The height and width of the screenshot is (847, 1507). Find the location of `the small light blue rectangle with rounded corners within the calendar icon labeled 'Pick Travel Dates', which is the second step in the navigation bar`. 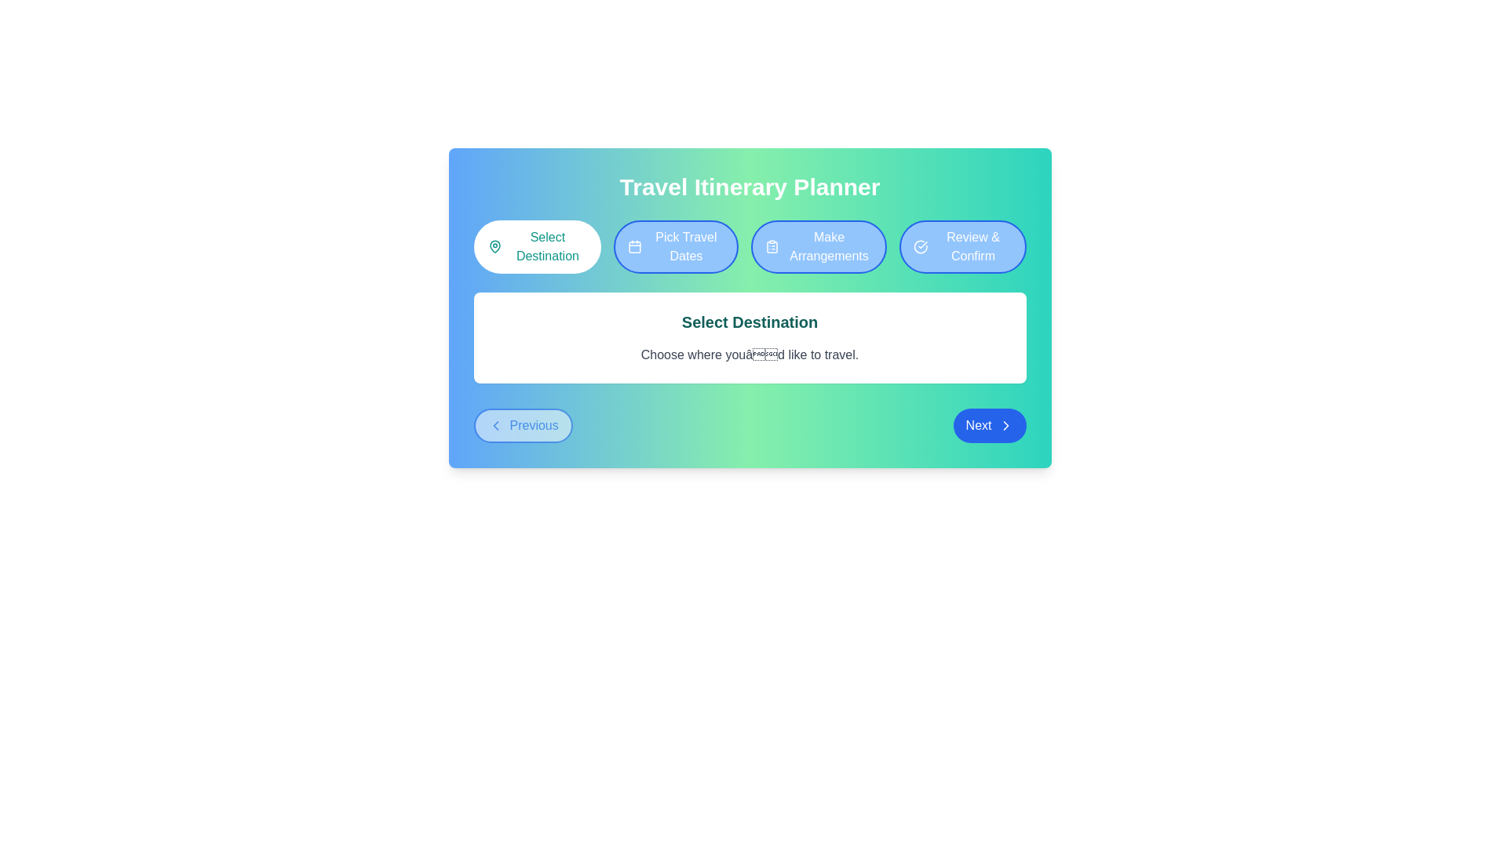

the small light blue rectangle with rounded corners within the calendar icon labeled 'Pick Travel Dates', which is the second step in the navigation bar is located at coordinates (635, 247).